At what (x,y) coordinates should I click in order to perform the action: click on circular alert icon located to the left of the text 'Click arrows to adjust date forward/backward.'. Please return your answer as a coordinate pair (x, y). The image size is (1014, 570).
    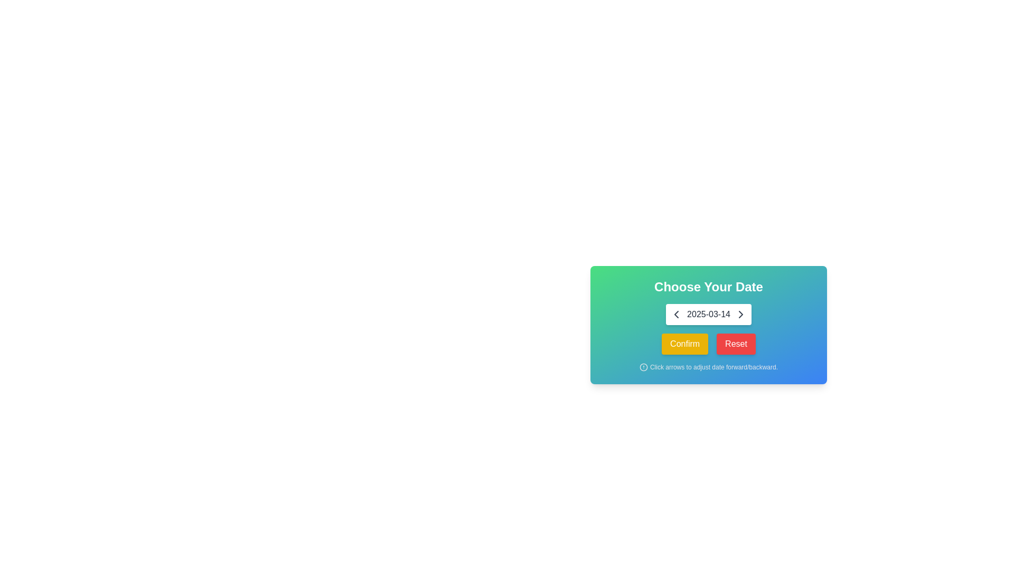
    Looking at the image, I should click on (643, 366).